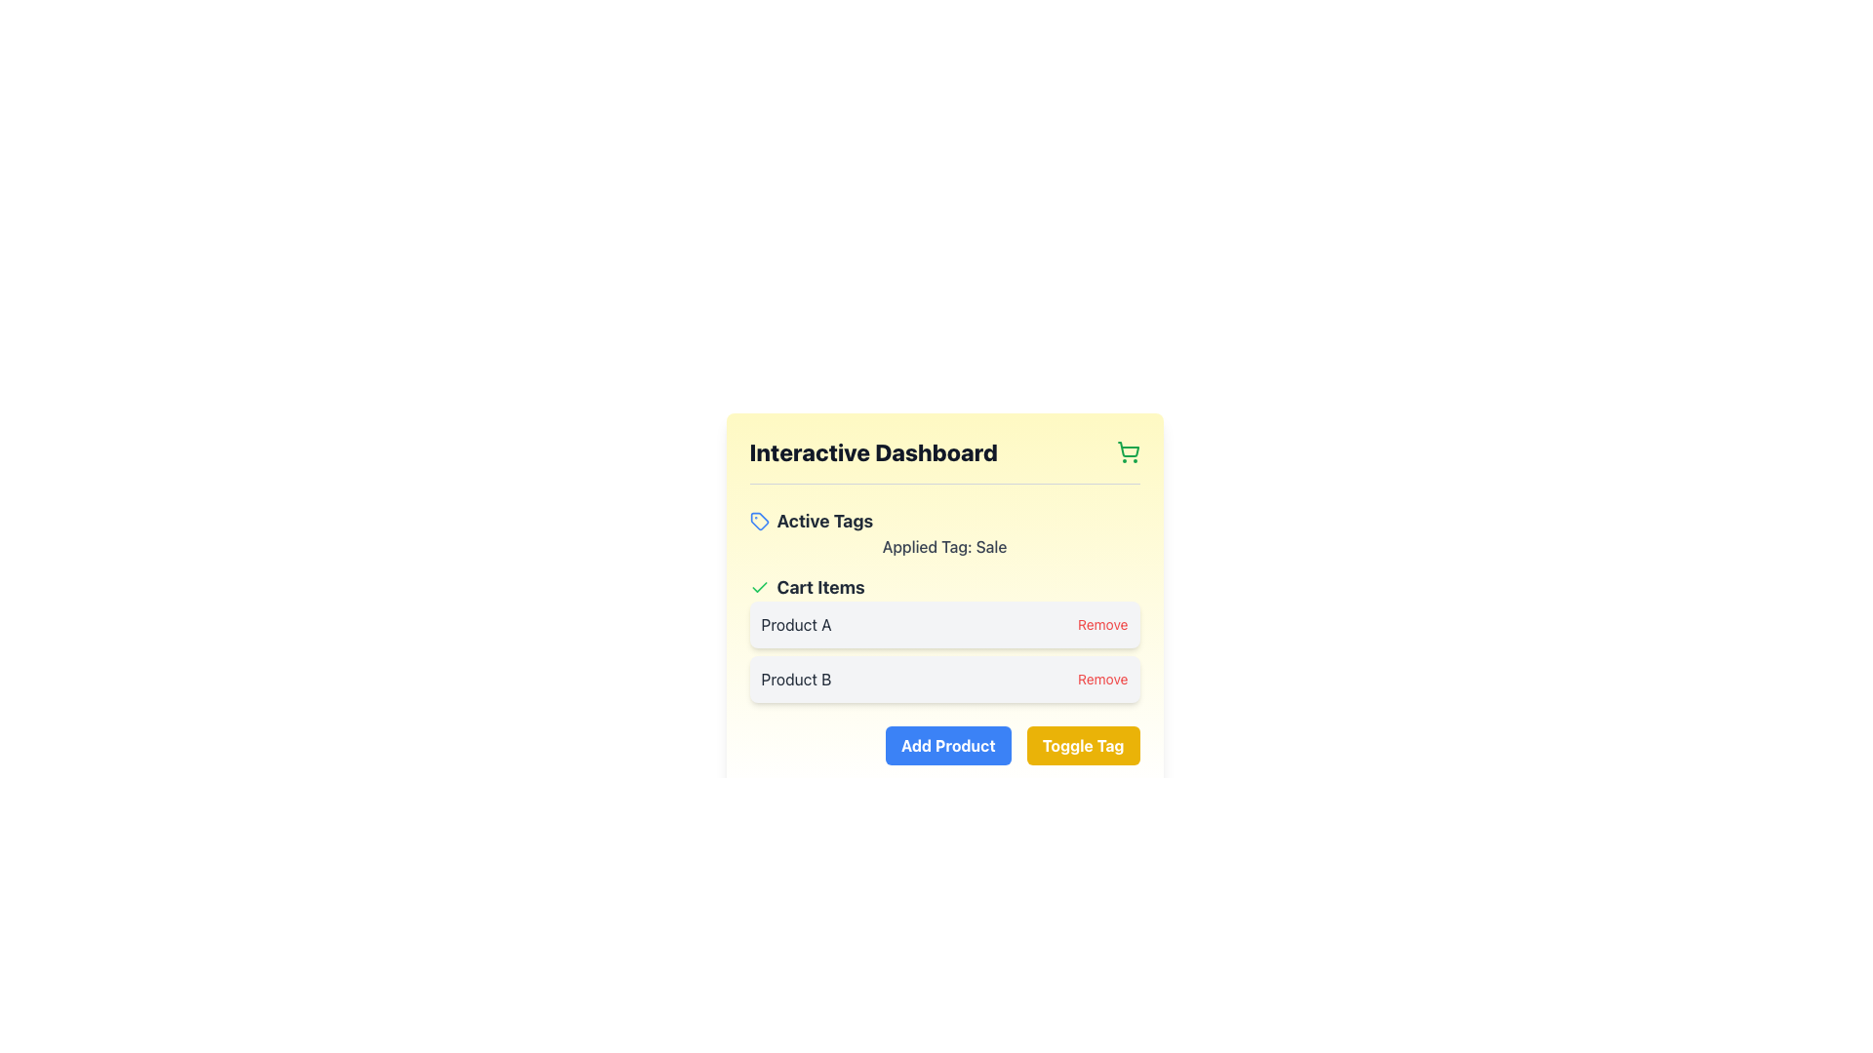 This screenshot has width=1873, height=1053. What do you see at coordinates (944, 533) in the screenshot?
I see `displayed tag information from the 'Active Tags' section, which includes the title 'Active Tags' and the smaller text 'Applied Tag: Sale' located near the top-left of the dashboard` at bounding box center [944, 533].